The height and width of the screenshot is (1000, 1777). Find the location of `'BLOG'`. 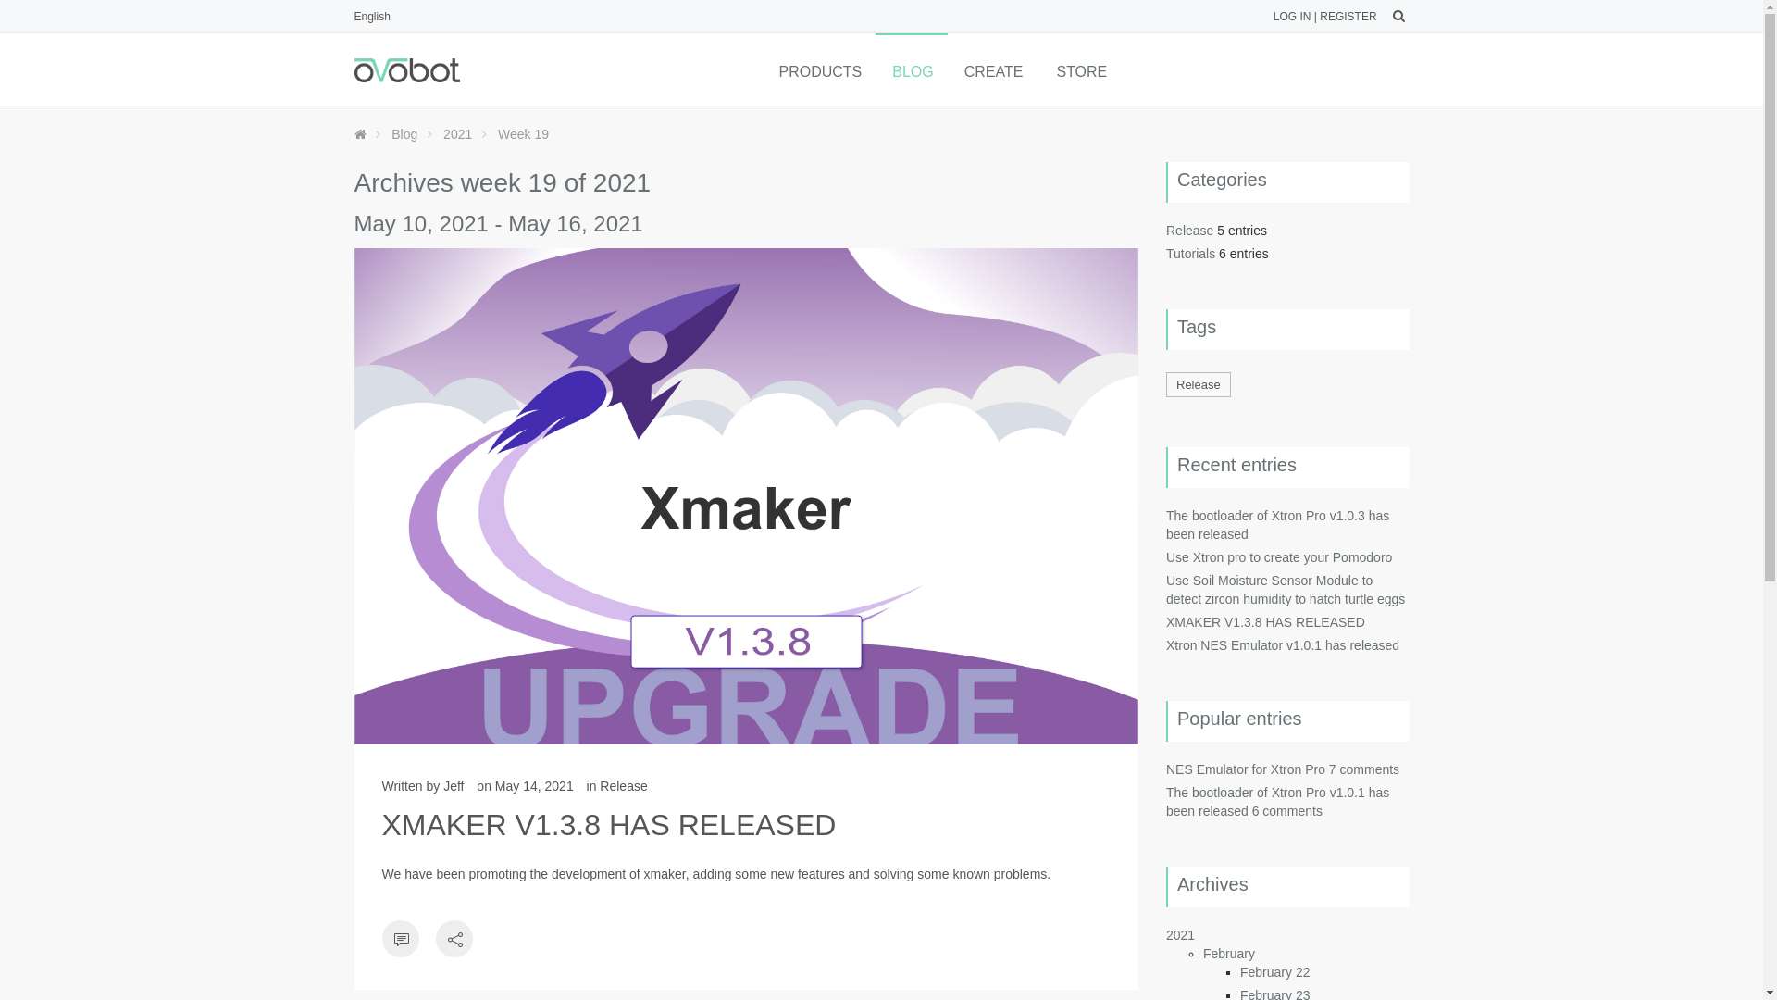

'BLOG' is located at coordinates (911, 68).